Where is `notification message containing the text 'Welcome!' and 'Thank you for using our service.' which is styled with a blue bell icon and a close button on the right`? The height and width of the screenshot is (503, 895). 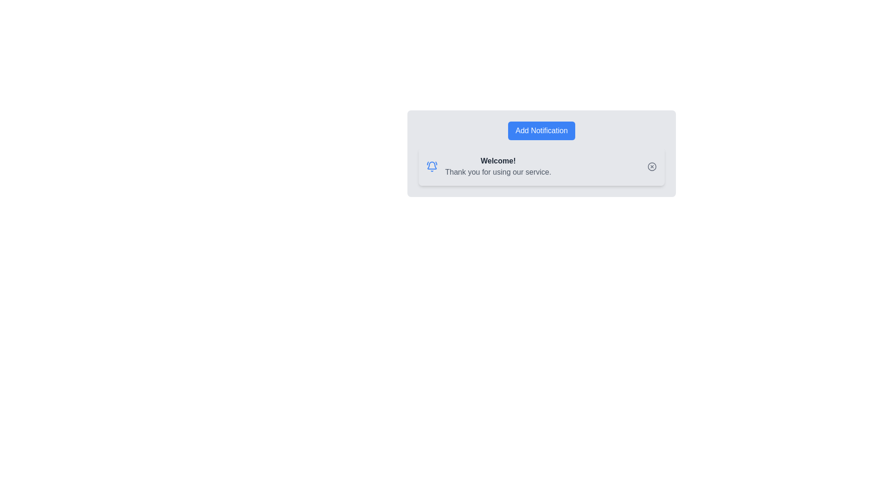 notification message containing the text 'Welcome!' and 'Thank you for using our service.' which is styled with a blue bell icon and a close button on the right is located at coordinates (541, 166).